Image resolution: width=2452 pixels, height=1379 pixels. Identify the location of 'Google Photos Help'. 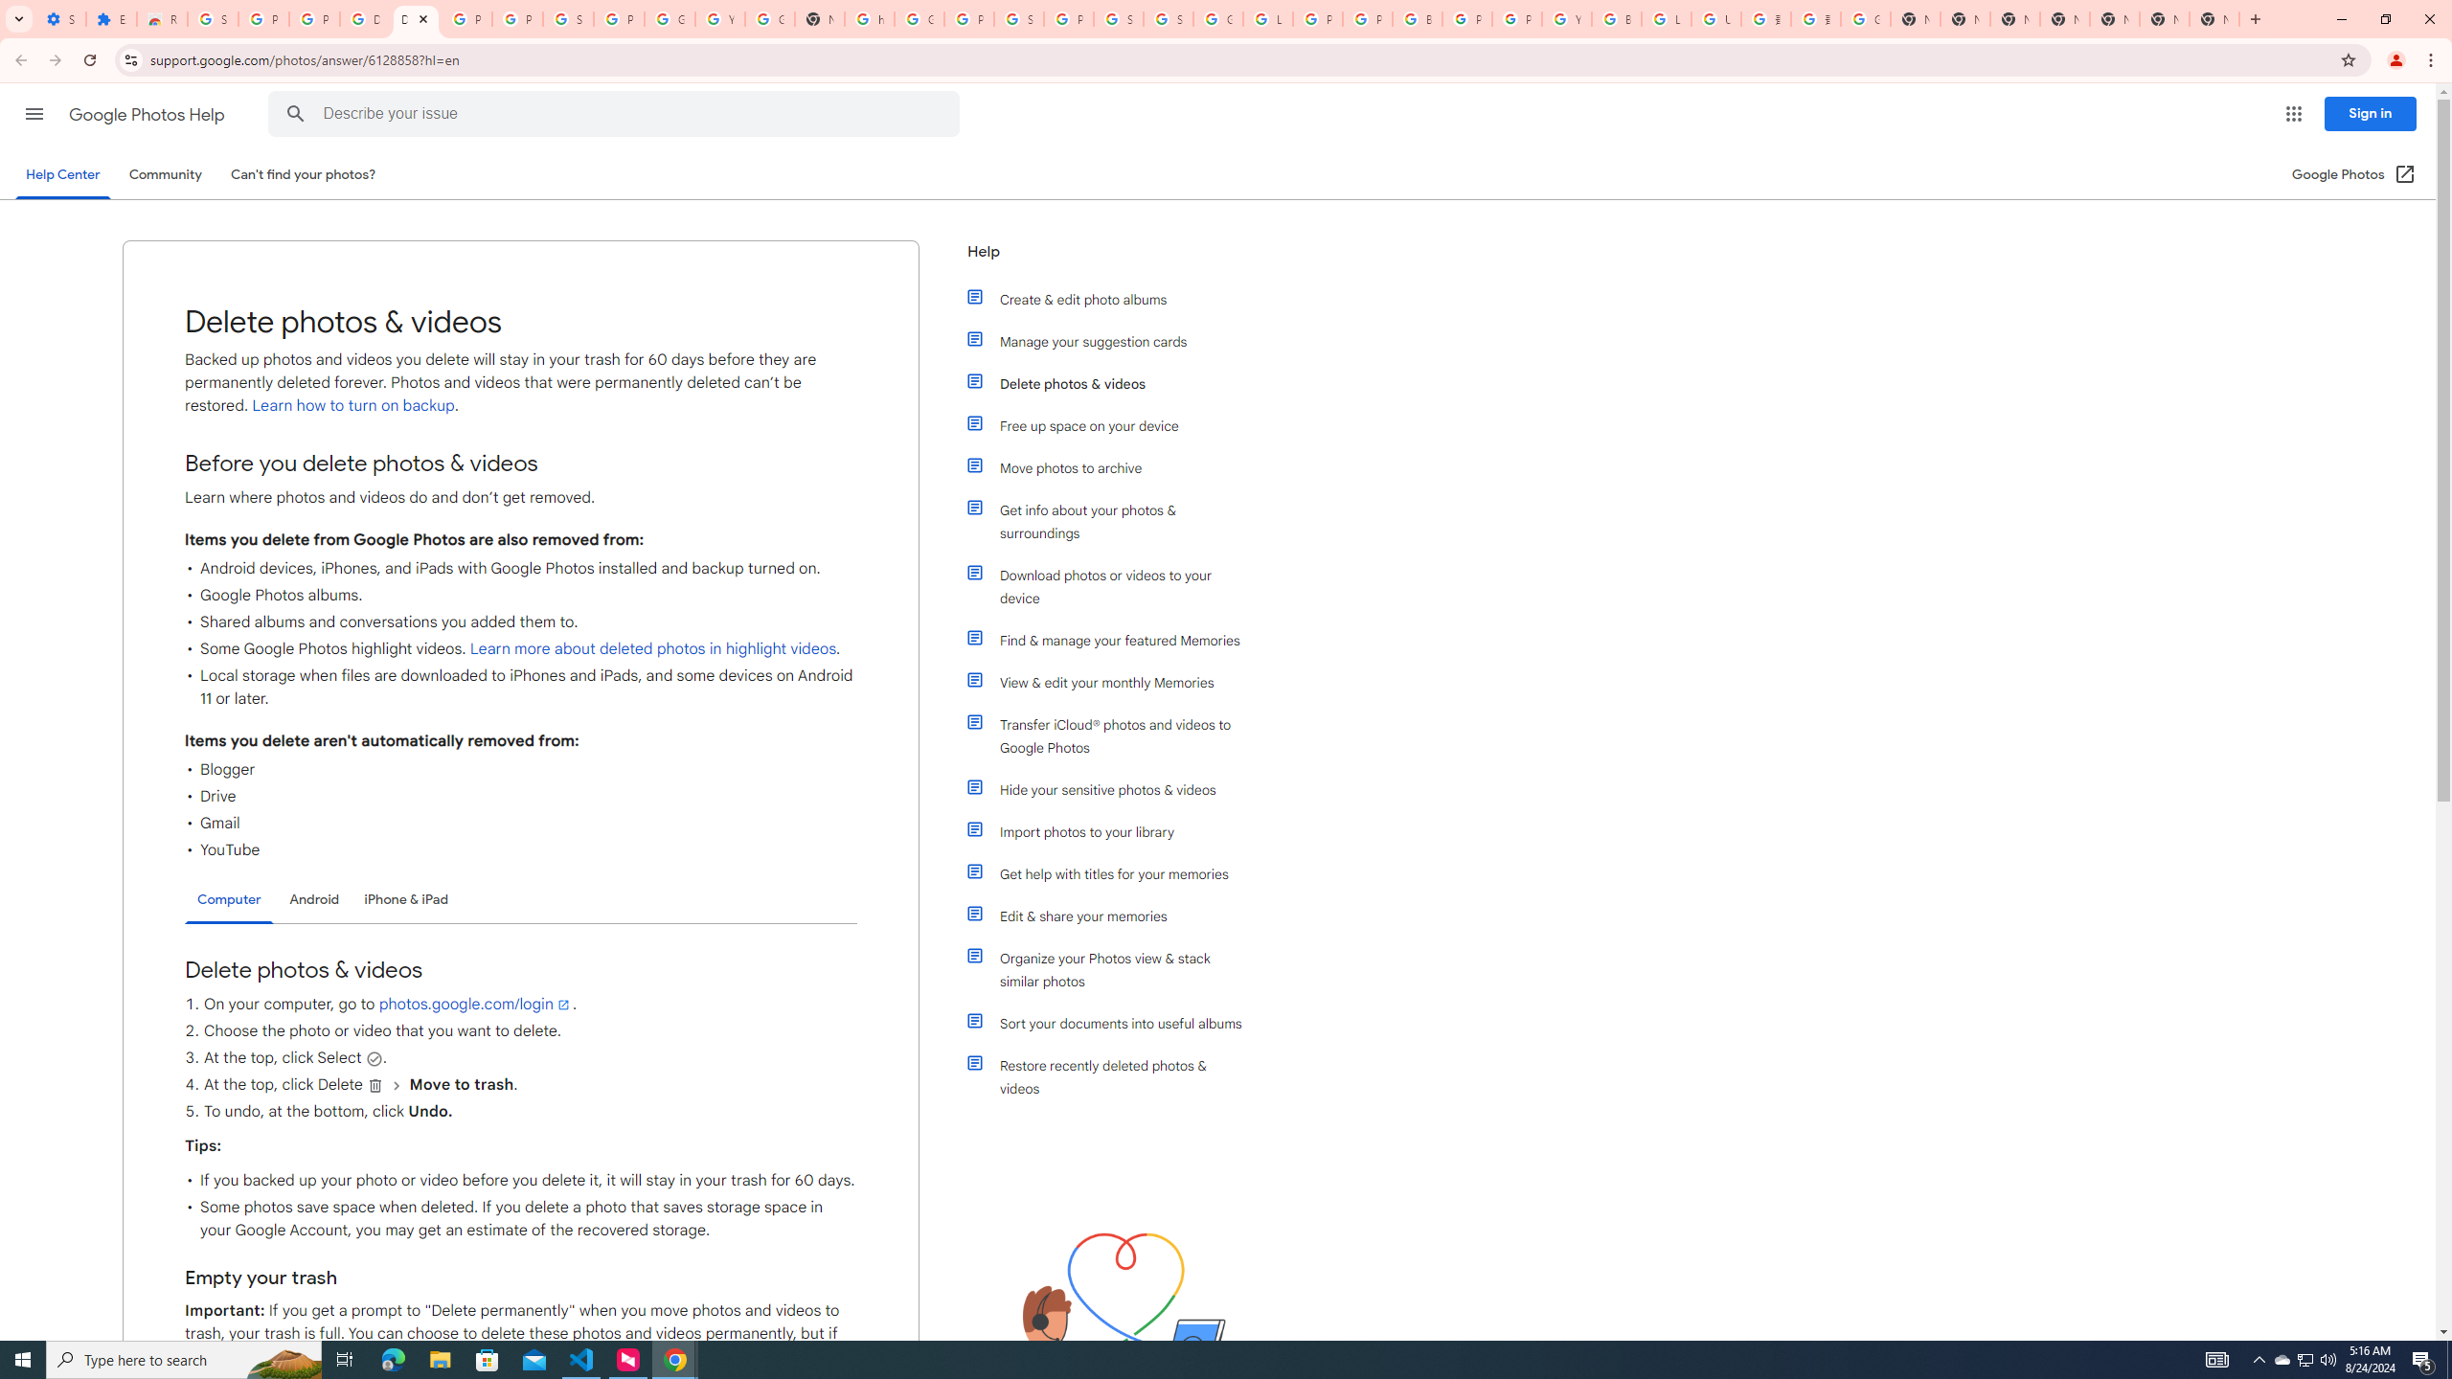
(148, 114).